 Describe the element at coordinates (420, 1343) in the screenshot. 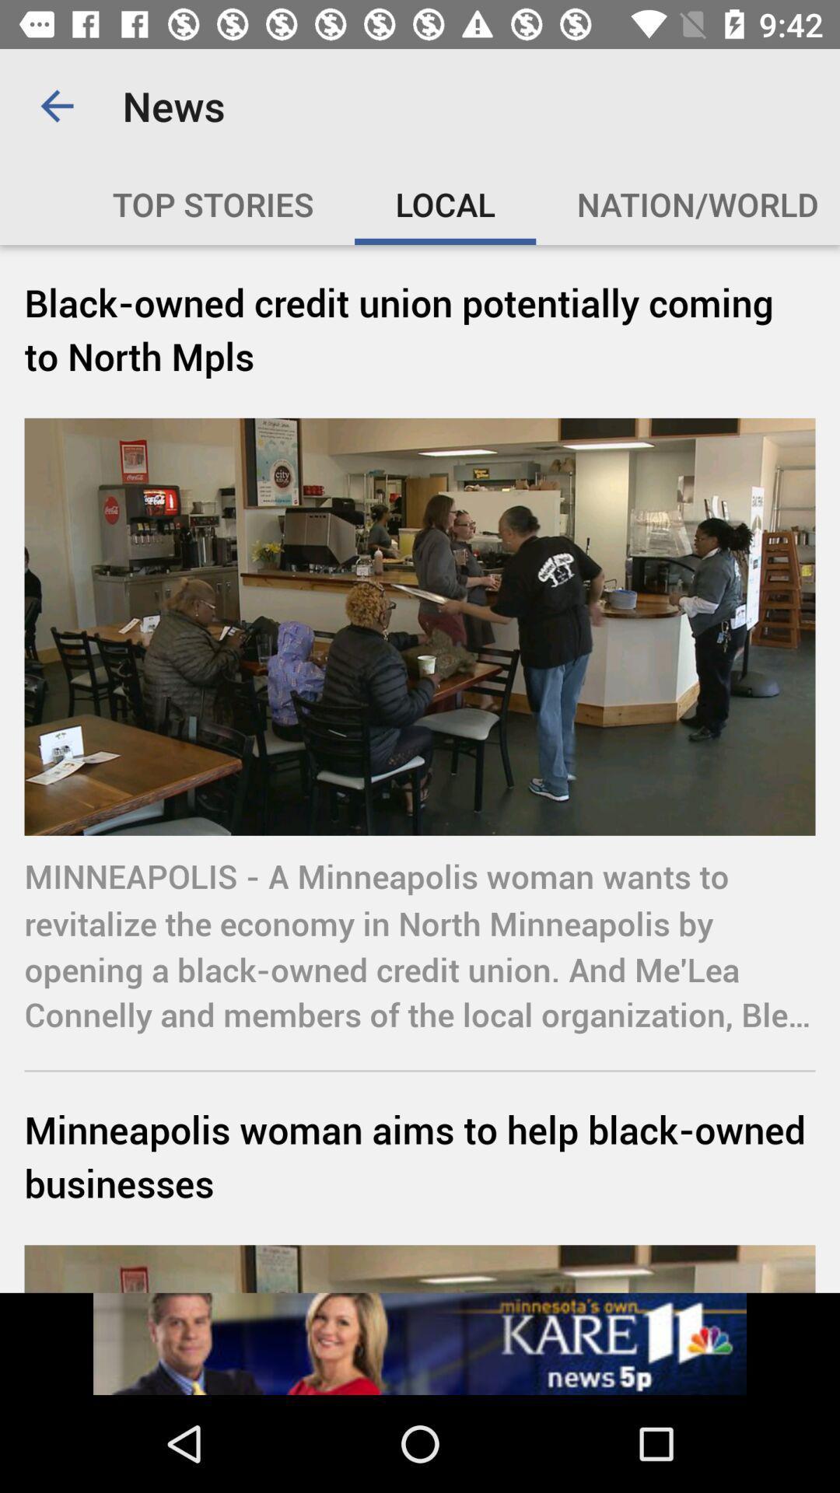

I see `open advertisement` at that location.